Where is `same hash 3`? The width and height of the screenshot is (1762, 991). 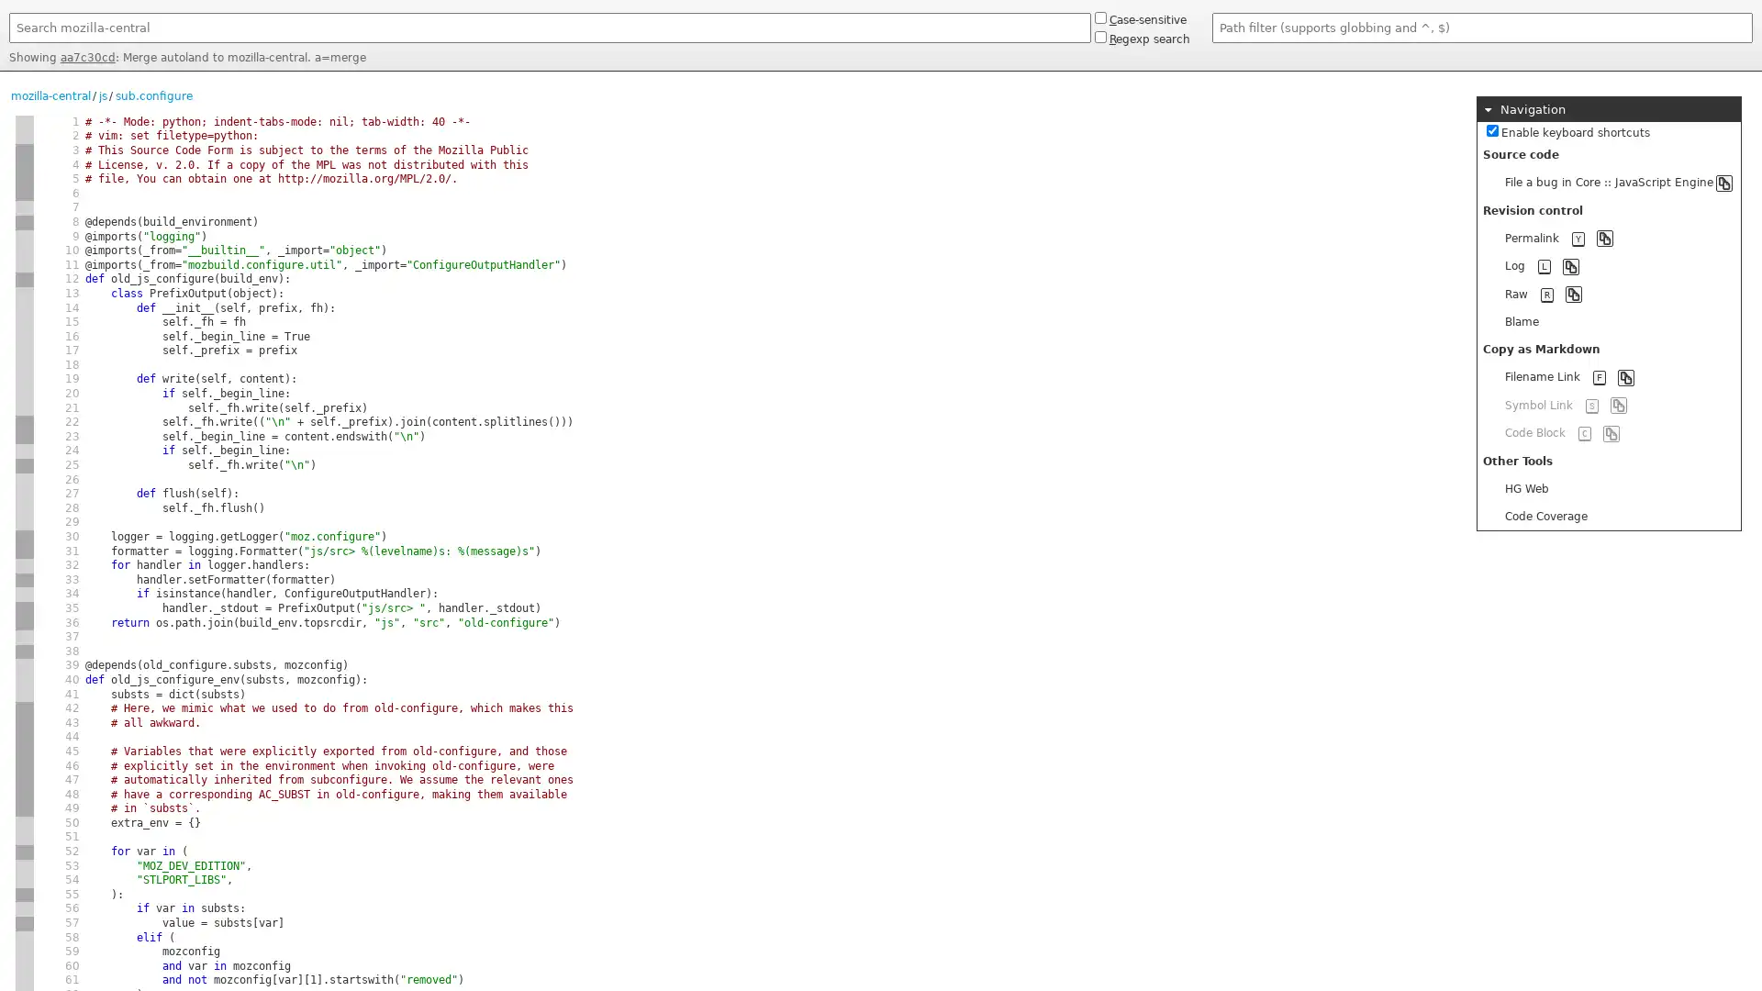 same hash 3 is located at coordinates (25, 979).